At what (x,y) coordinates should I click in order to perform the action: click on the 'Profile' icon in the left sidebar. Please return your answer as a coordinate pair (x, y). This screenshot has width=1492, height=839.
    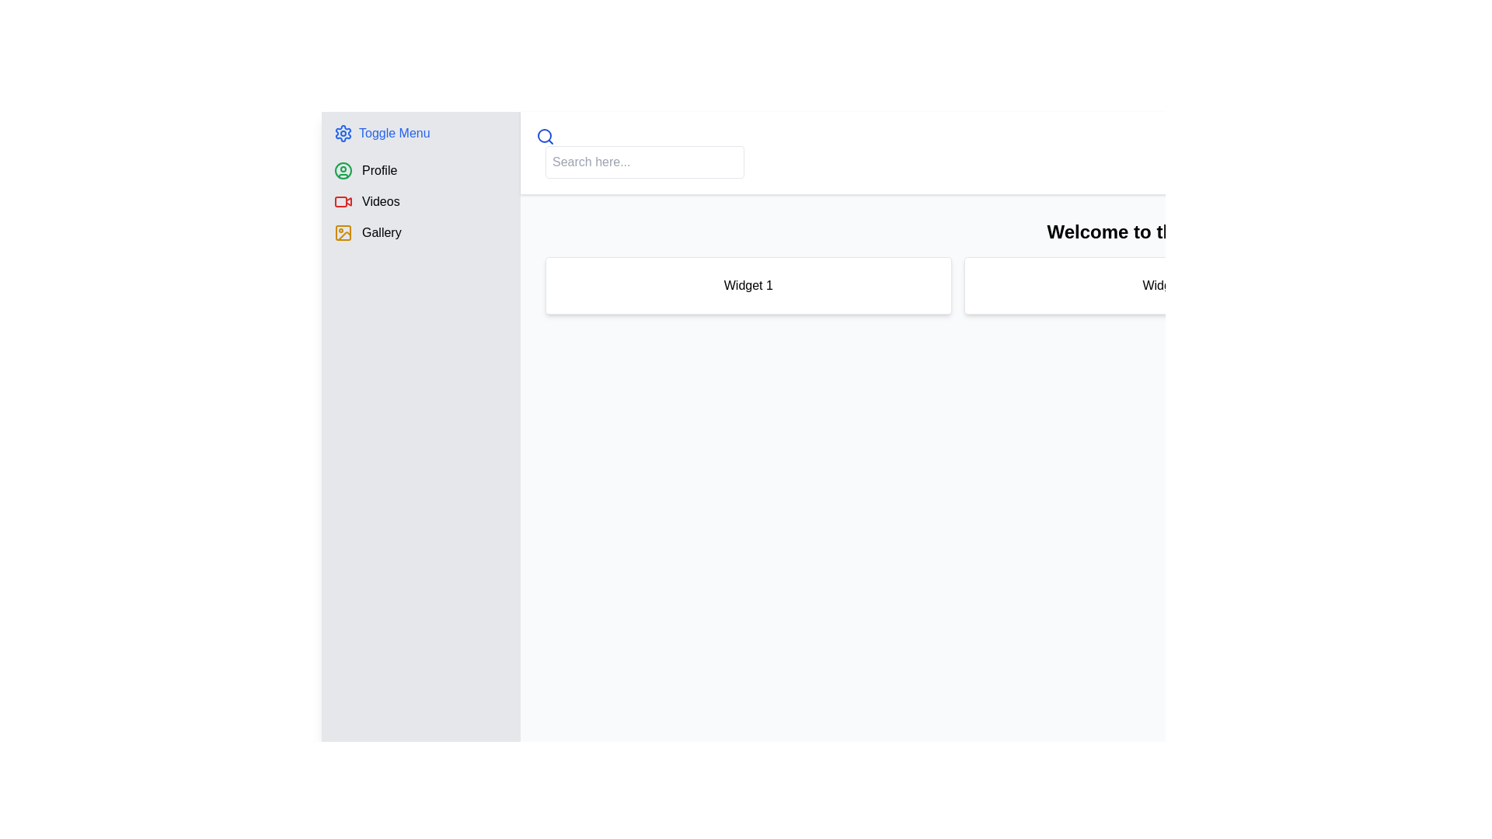
    Looking at the image, I should click on (342, 170).